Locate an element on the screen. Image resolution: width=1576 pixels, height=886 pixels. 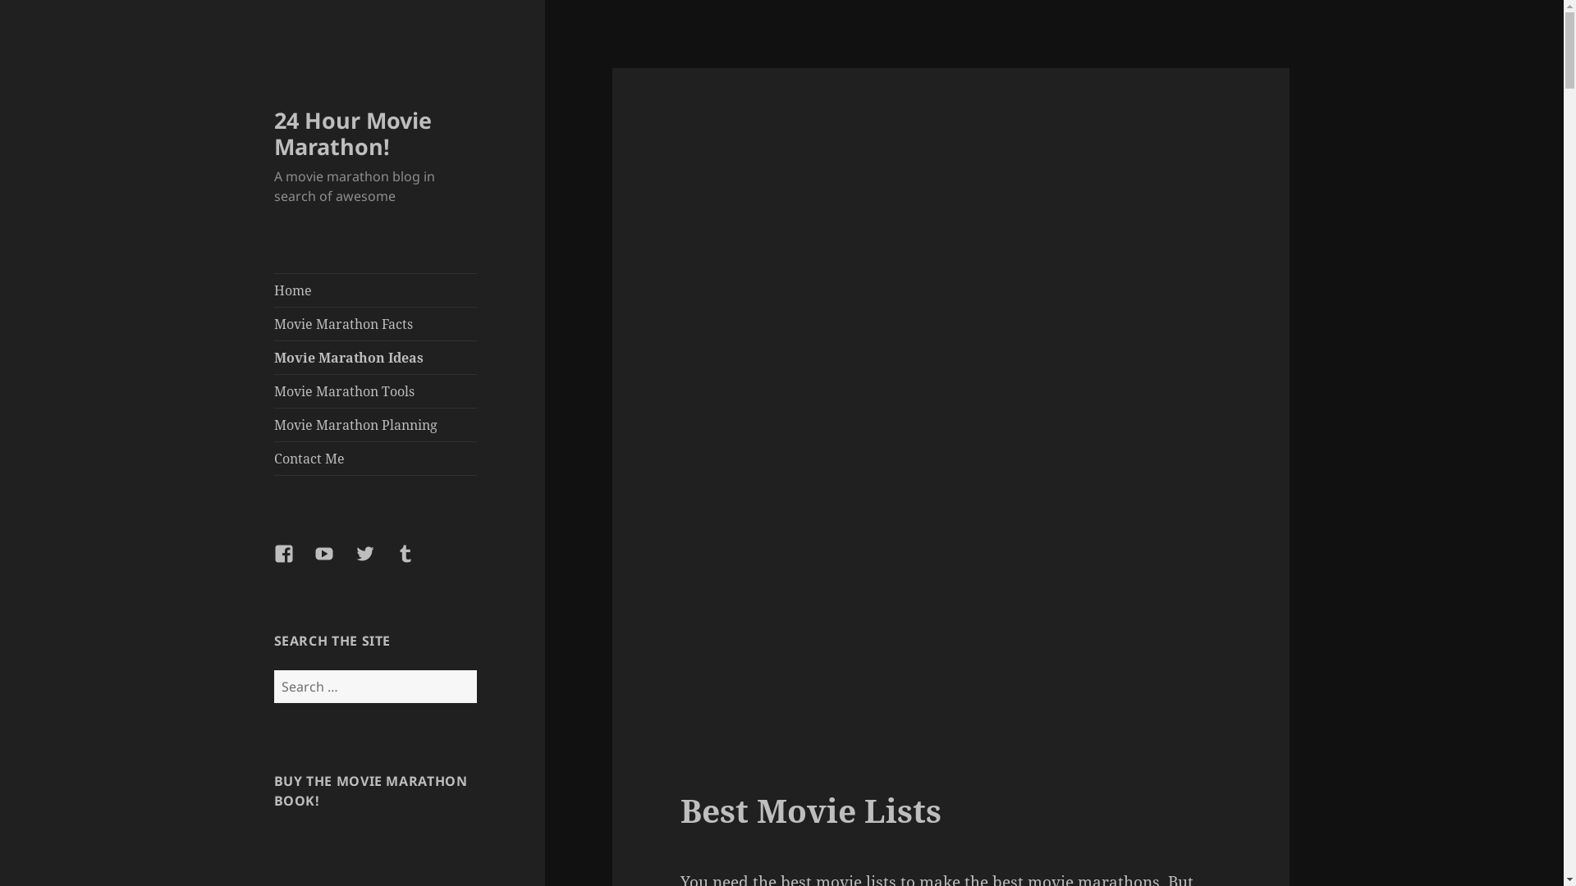
'24 Hour Movie Marathon!' is located at coordinates (274, 132).